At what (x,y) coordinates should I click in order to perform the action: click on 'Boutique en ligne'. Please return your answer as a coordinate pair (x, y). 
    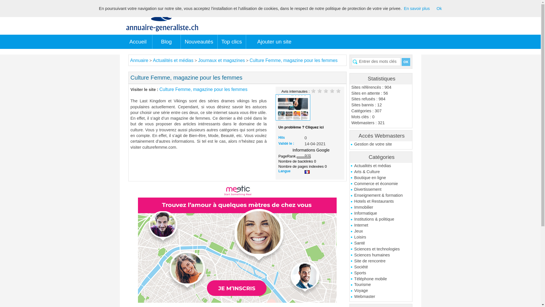
    Looking at the image, I should click on (381, 177).